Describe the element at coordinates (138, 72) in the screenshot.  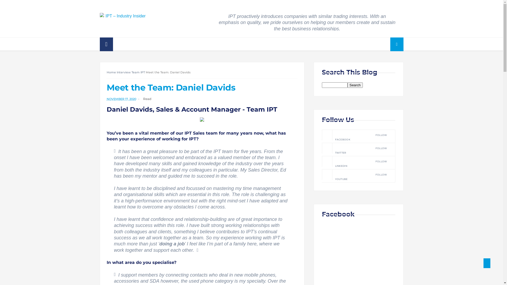
I see `'Team IPT'` at that location.